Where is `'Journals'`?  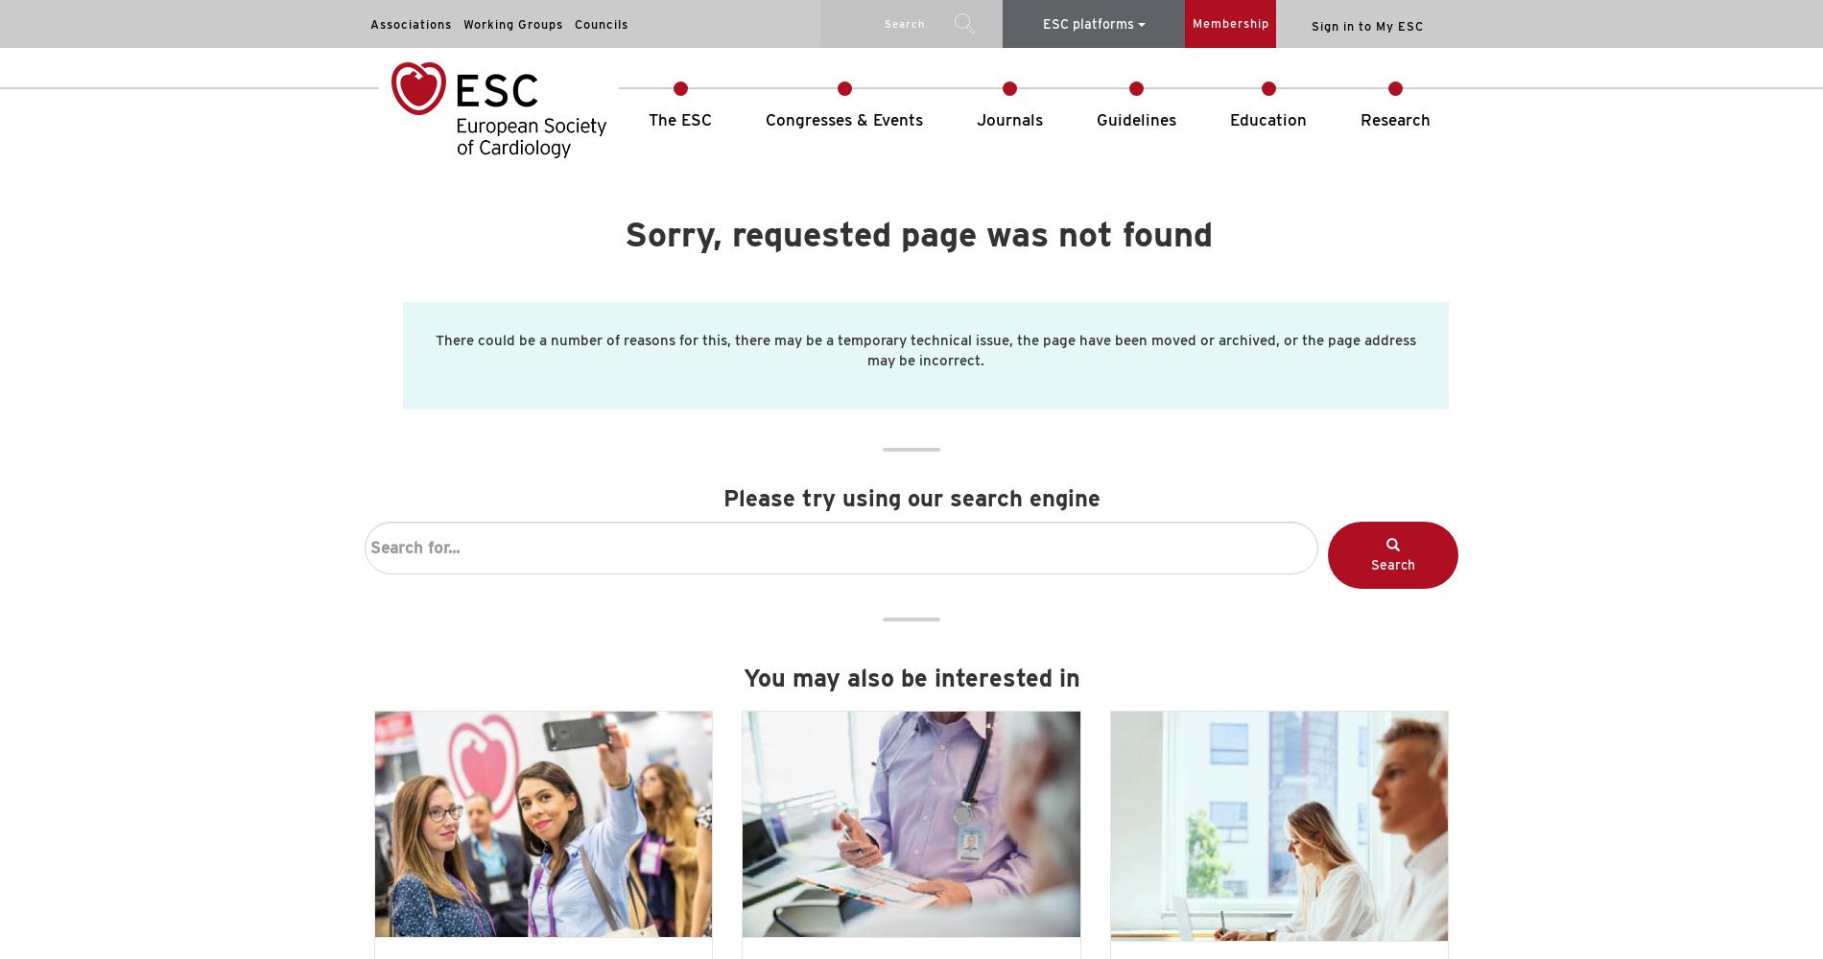 'Journals' is located at coordinates (977, 120).